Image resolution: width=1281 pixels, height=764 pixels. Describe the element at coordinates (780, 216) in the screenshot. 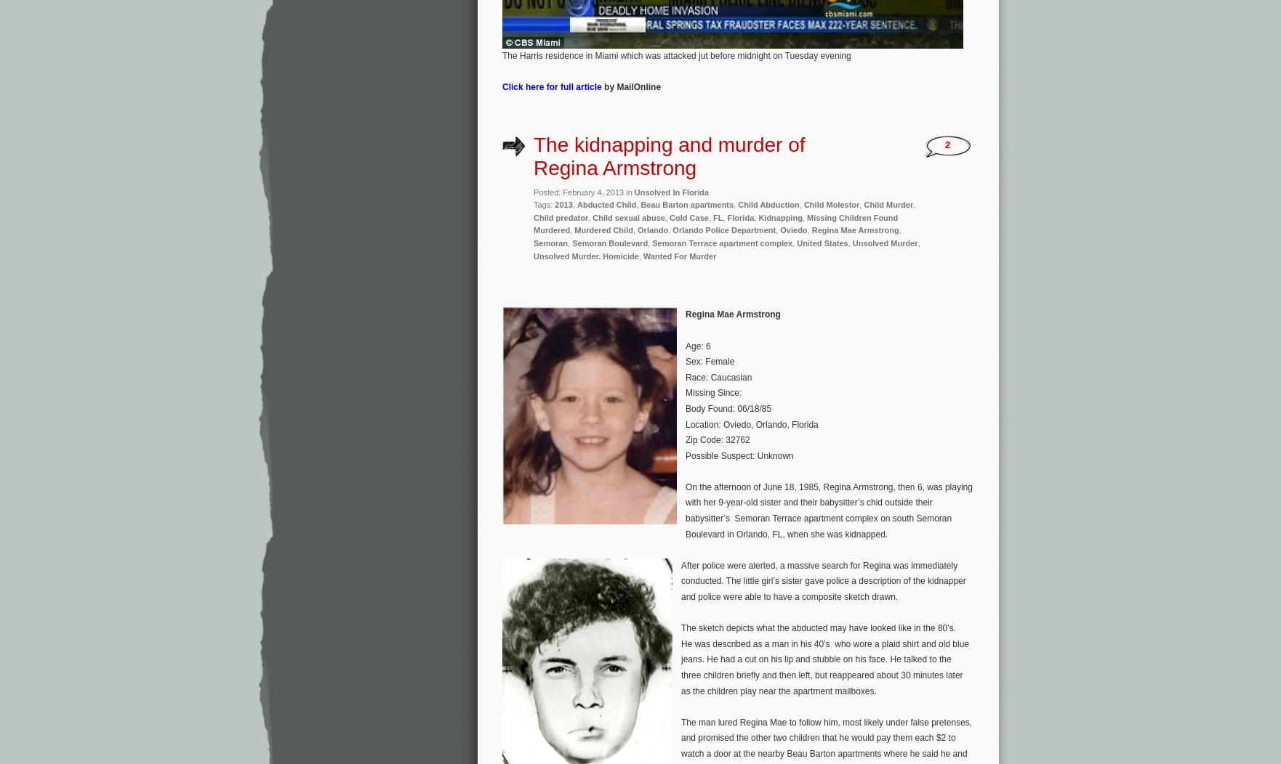

I see `'Kidnapping'` at that location.